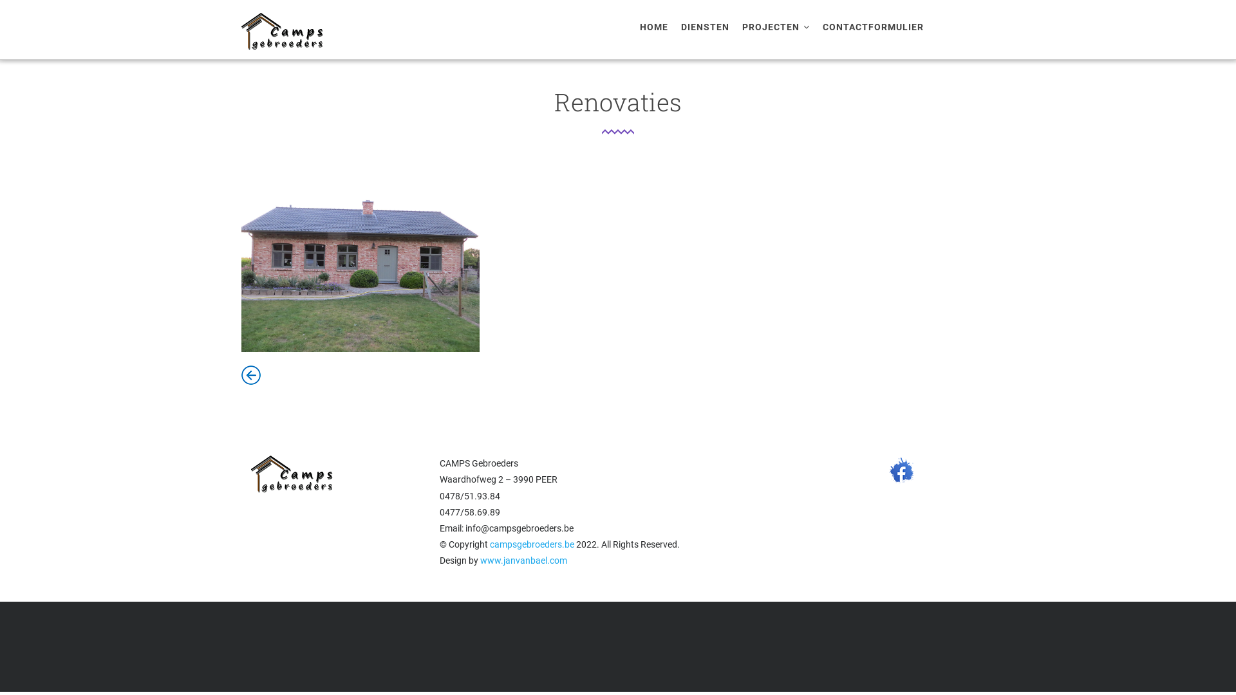 The height and width of the screenshot is (695, 1236). What do you see at coordinates (775, 27) in the screenshot?
I see `'PROJECTEN'` at bounding box center [775, 27].